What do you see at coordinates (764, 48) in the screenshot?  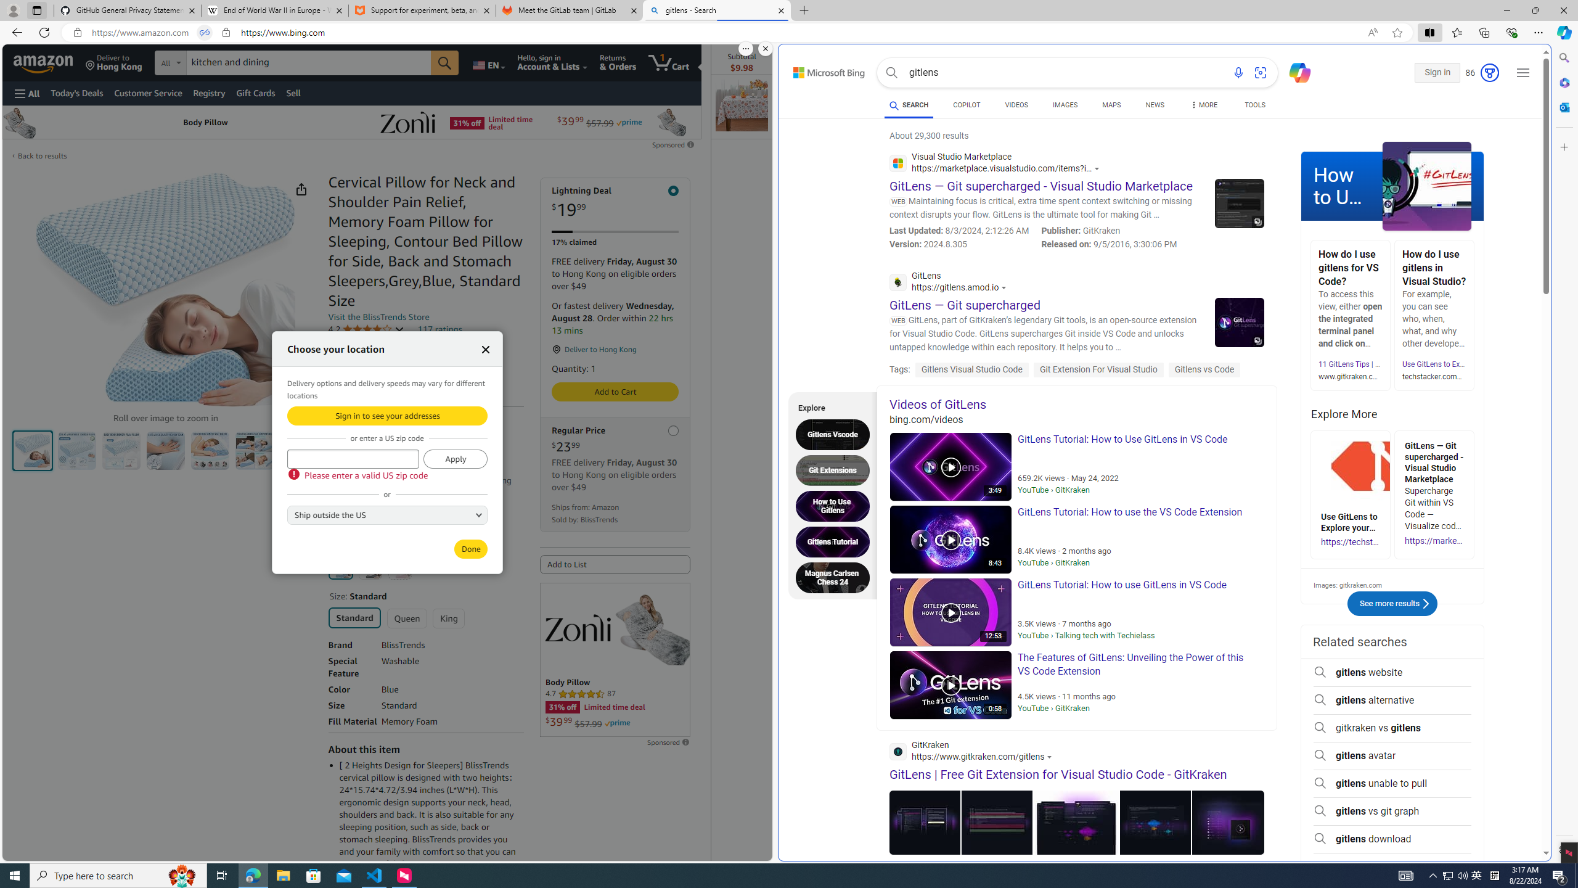 I see `'Close split screen.'` at bounding box center [764, 48].